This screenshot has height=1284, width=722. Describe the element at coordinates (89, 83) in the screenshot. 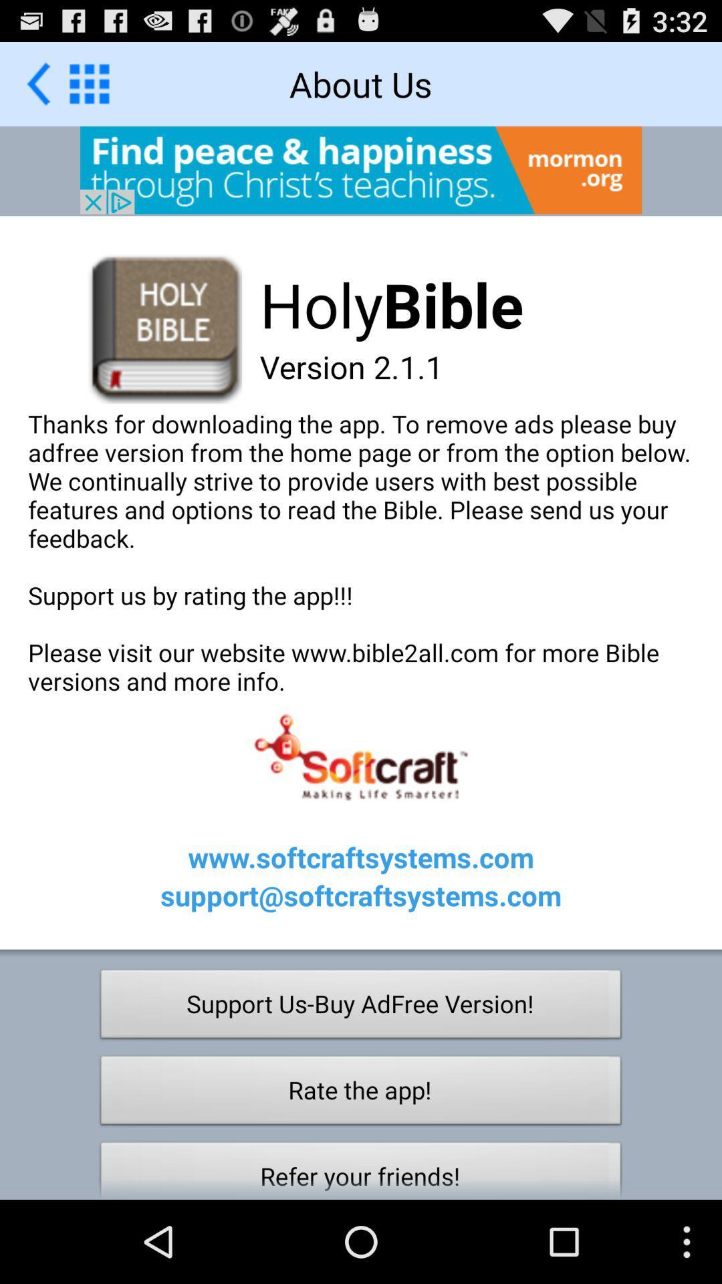

I see `see more options` at that location.